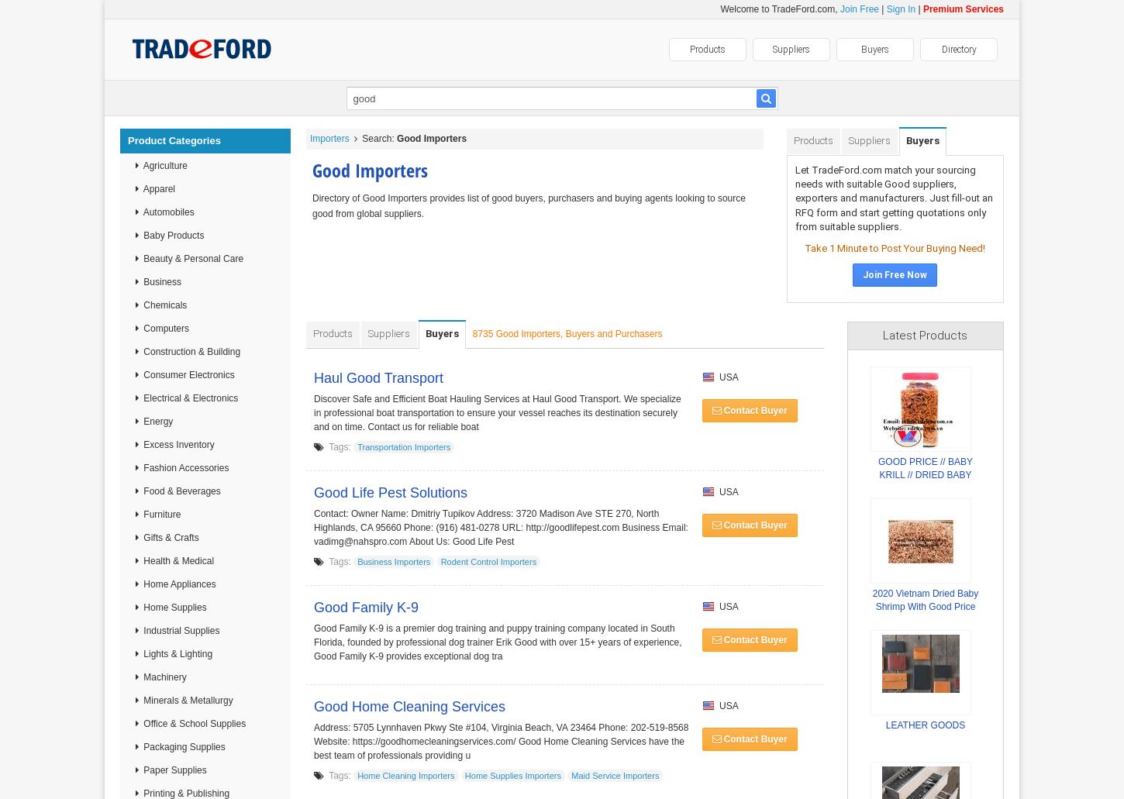 The height and width of the screenshot is (799, 1124). I want to click on 'Good Life Pest Solutions', so click(391, 493).